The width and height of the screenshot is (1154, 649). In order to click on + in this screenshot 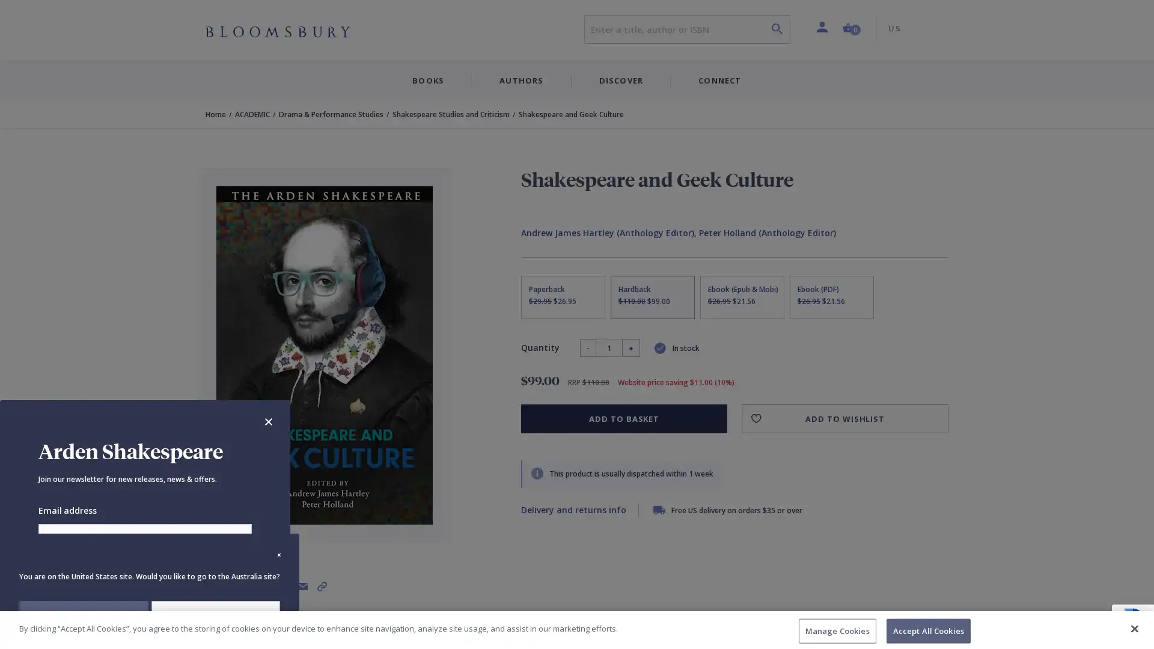, I will do `click(630, 347)`.